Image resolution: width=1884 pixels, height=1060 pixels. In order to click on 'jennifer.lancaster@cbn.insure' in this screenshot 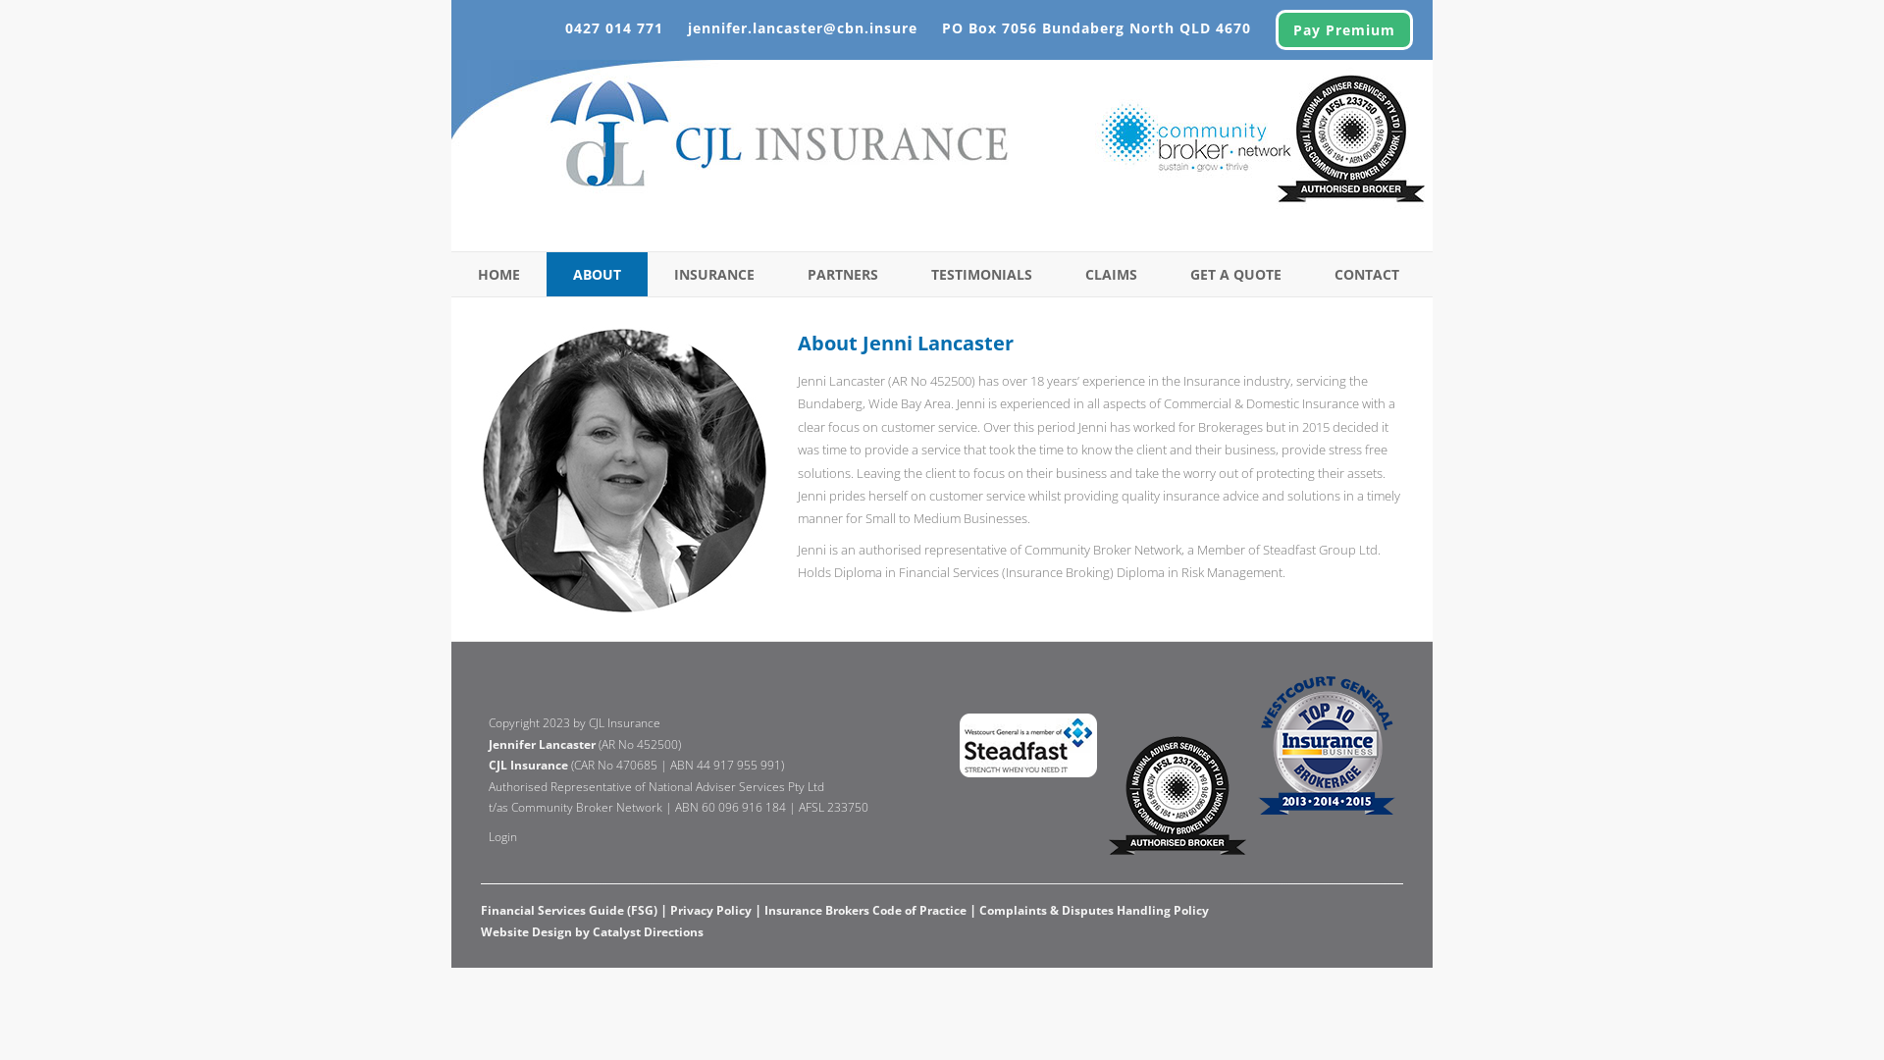, I will do `click(802, 27)`.